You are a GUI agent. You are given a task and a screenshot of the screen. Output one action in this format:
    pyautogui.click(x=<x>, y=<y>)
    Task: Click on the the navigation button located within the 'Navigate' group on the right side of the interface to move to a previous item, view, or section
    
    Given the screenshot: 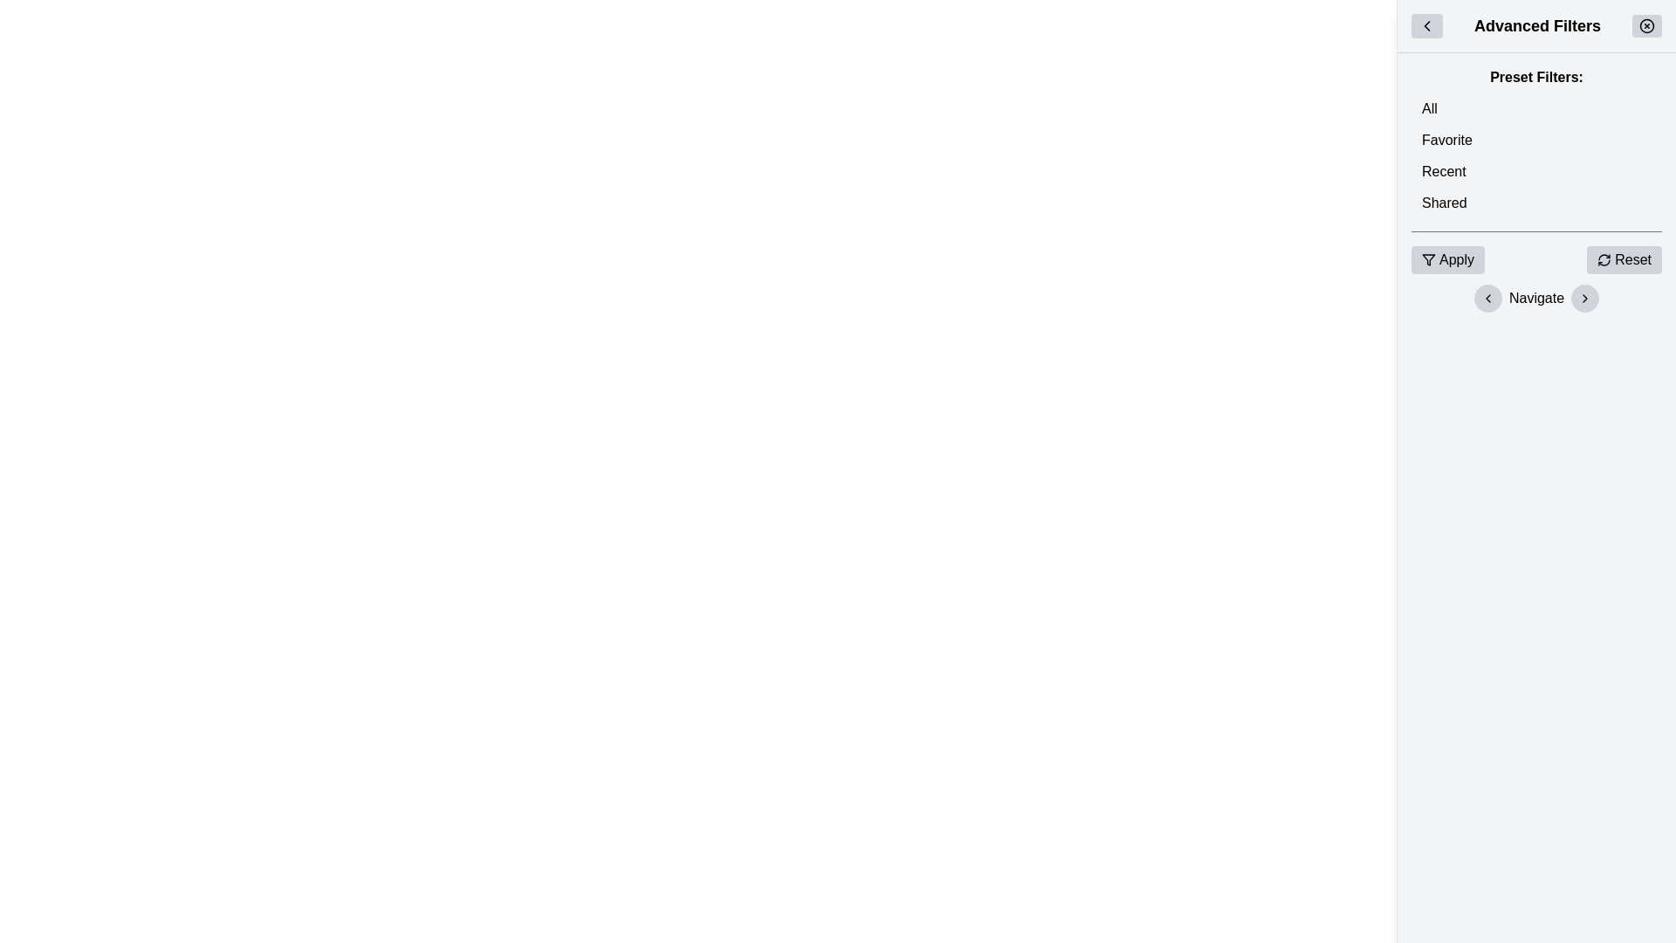 What is the action you would take?
    pyautogui.click(x=1487, y=298)
    